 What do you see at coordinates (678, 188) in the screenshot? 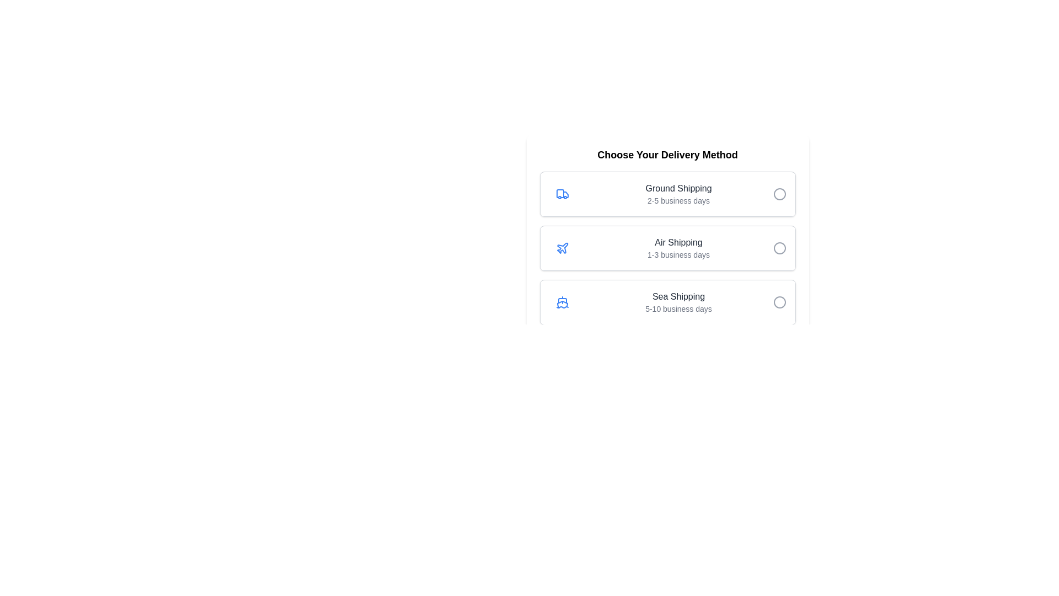
I see `the text label displaying 'Ground Shipping' which is styled with medium-weight font in dark gray color, located in the delivery methods list` at bounding box center [678, 188].